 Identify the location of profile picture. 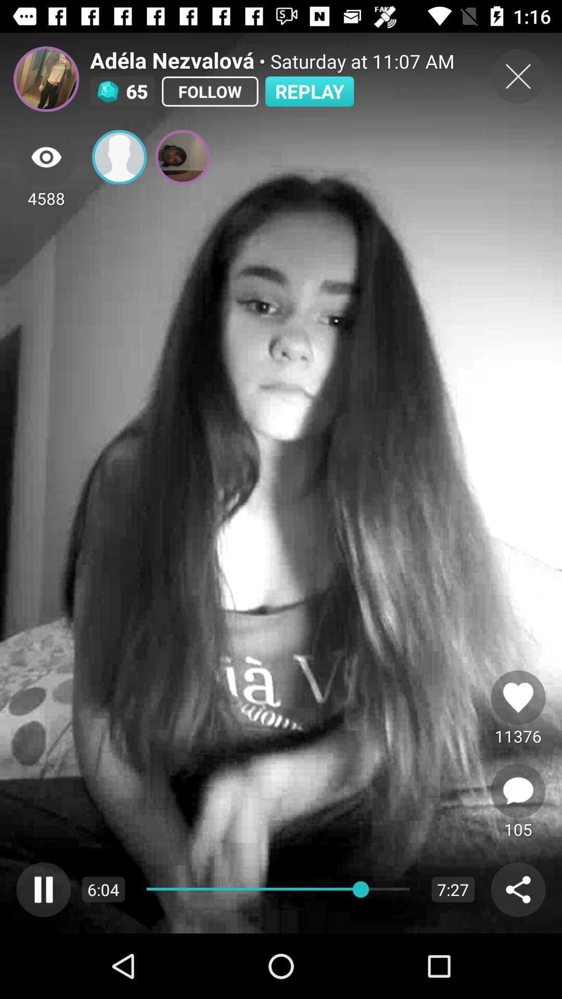
(46, 79).